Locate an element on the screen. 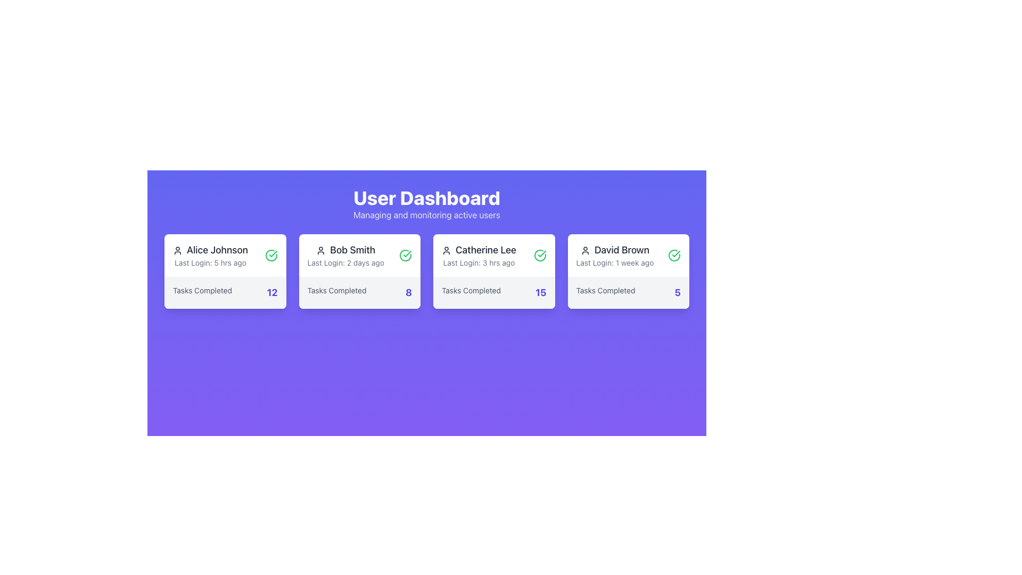 The image size is (1022, 575). the status represented by the checkmark icon located in the top-right corner of the card associated with 'Bob Smith' is located at coordinates (273, 254).